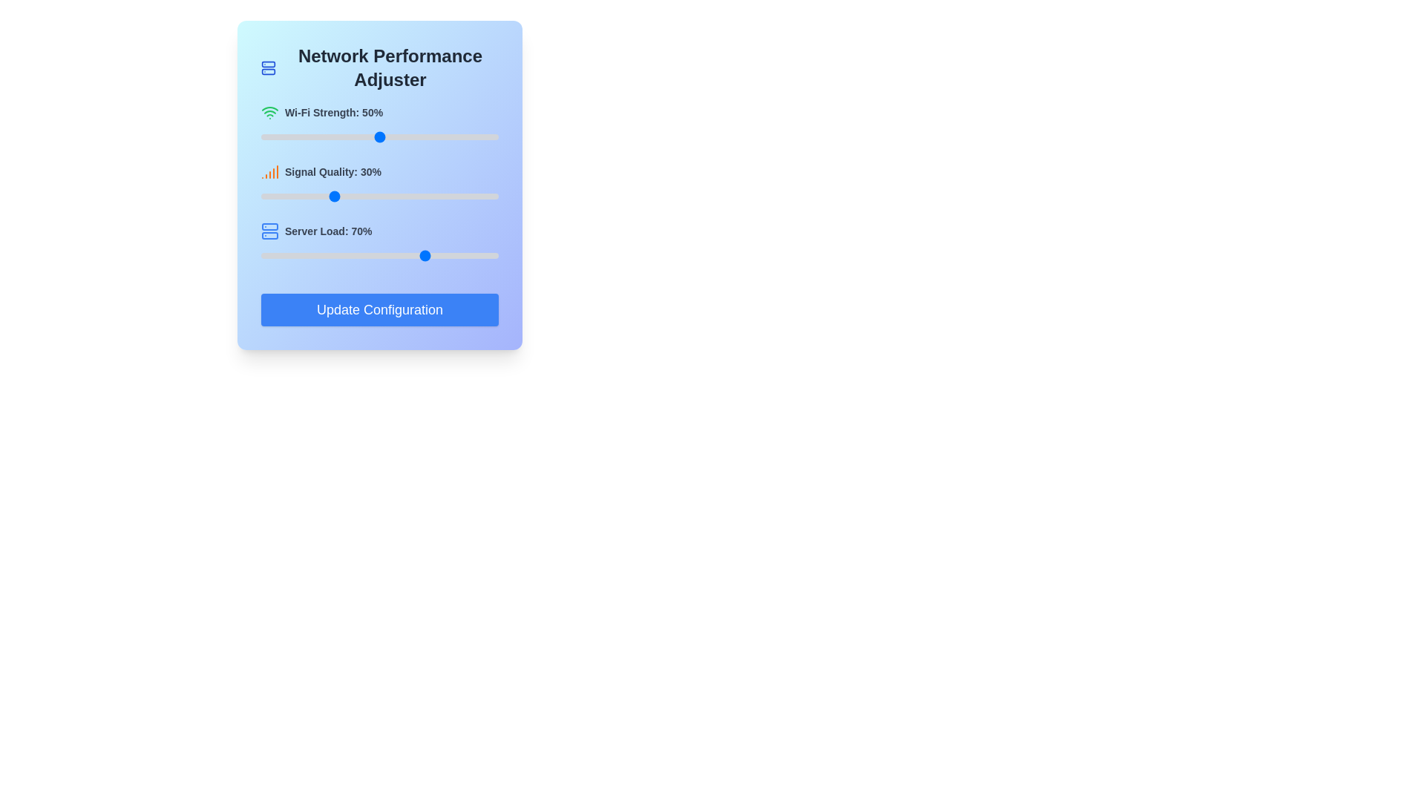 Image resolution: width=1425 pixels, height=801 pixels. Describe the element at coordinates (387, 196) in the screenshot. I see `signal quality` at that location.